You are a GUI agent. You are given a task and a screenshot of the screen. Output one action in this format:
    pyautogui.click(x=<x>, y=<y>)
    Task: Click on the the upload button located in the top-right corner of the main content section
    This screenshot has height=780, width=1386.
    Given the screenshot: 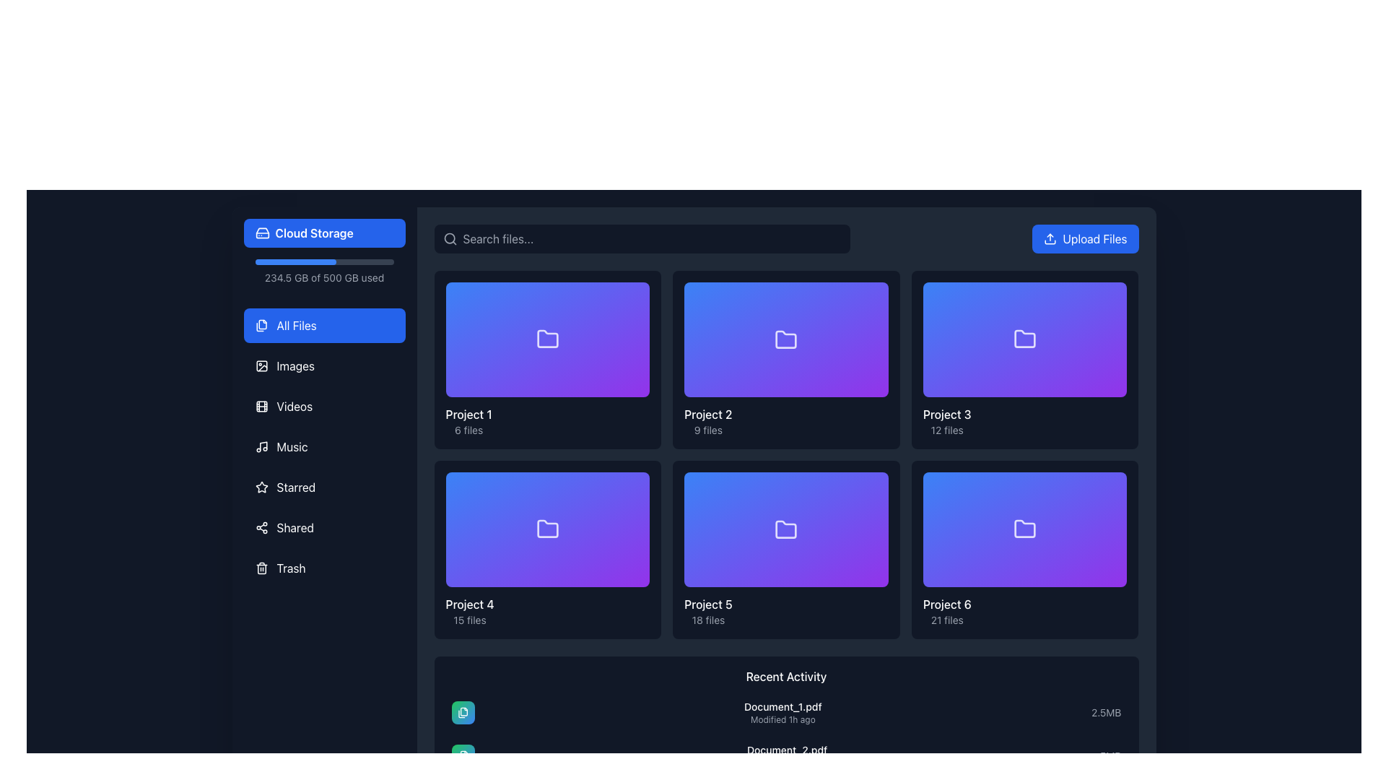 What is the action you would take?
    pyautogui.click(x=1085, y=238)
    